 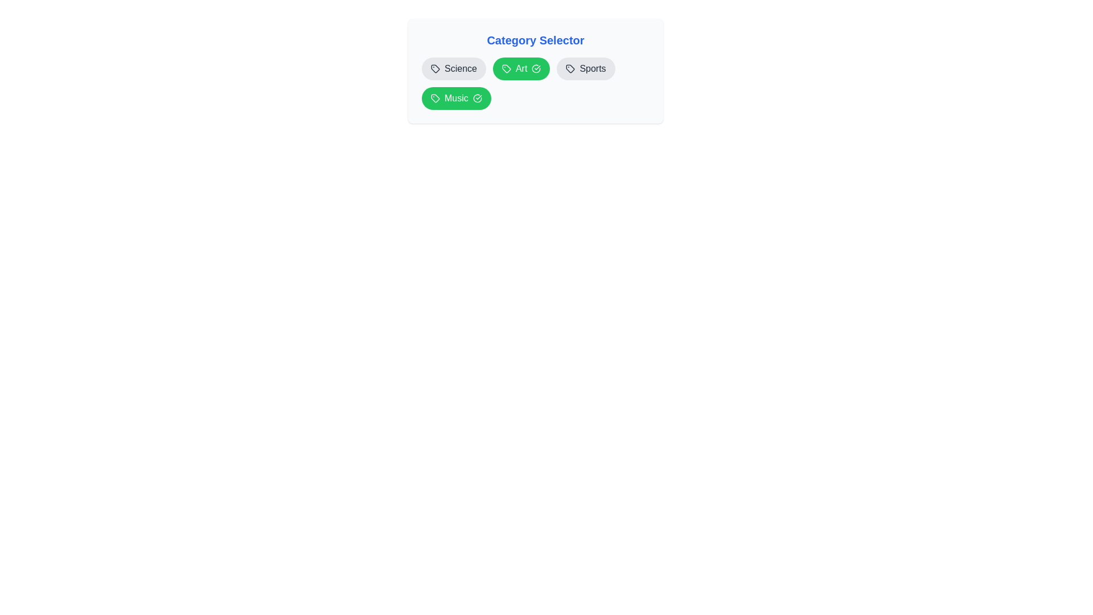 What do you see at coordinates (535, 39) in the screenshot?
I see `the center of the 'Category Selector' header` at bounding box center [535, 39].